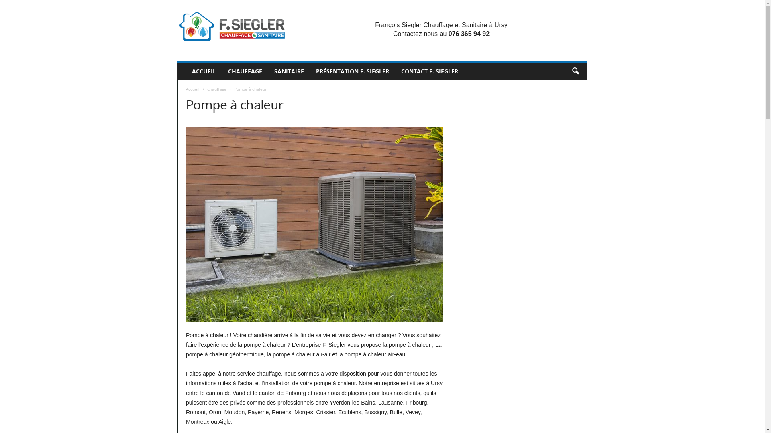 Image resolution: width=771 pixels, height=433 pixels. Describe the element at coordinates (222, 71) in the screenshot. I see `'CHAUFFAGE'` at that location.